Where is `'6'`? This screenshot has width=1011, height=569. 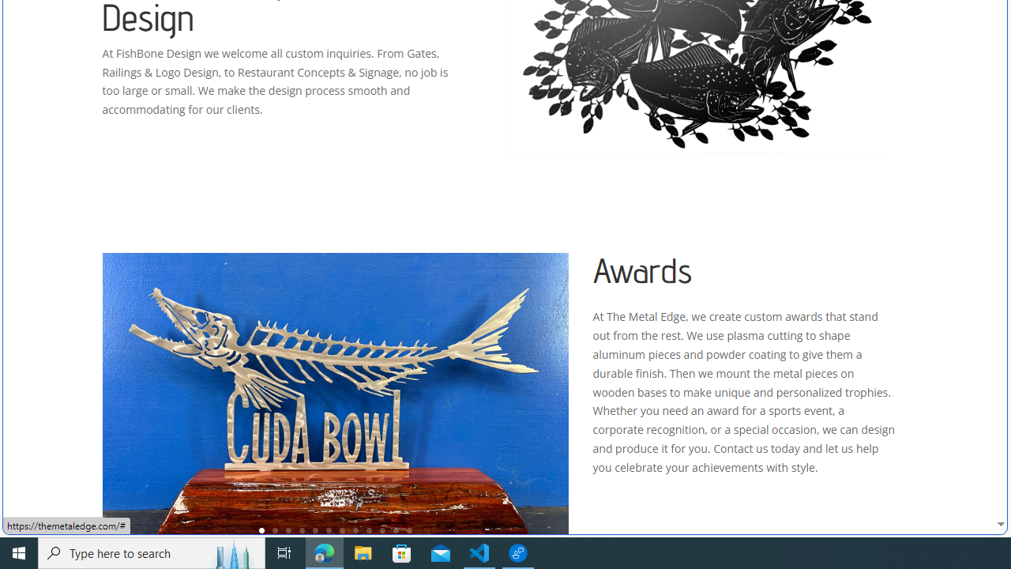 '6' is located at coordinates (328, 530).